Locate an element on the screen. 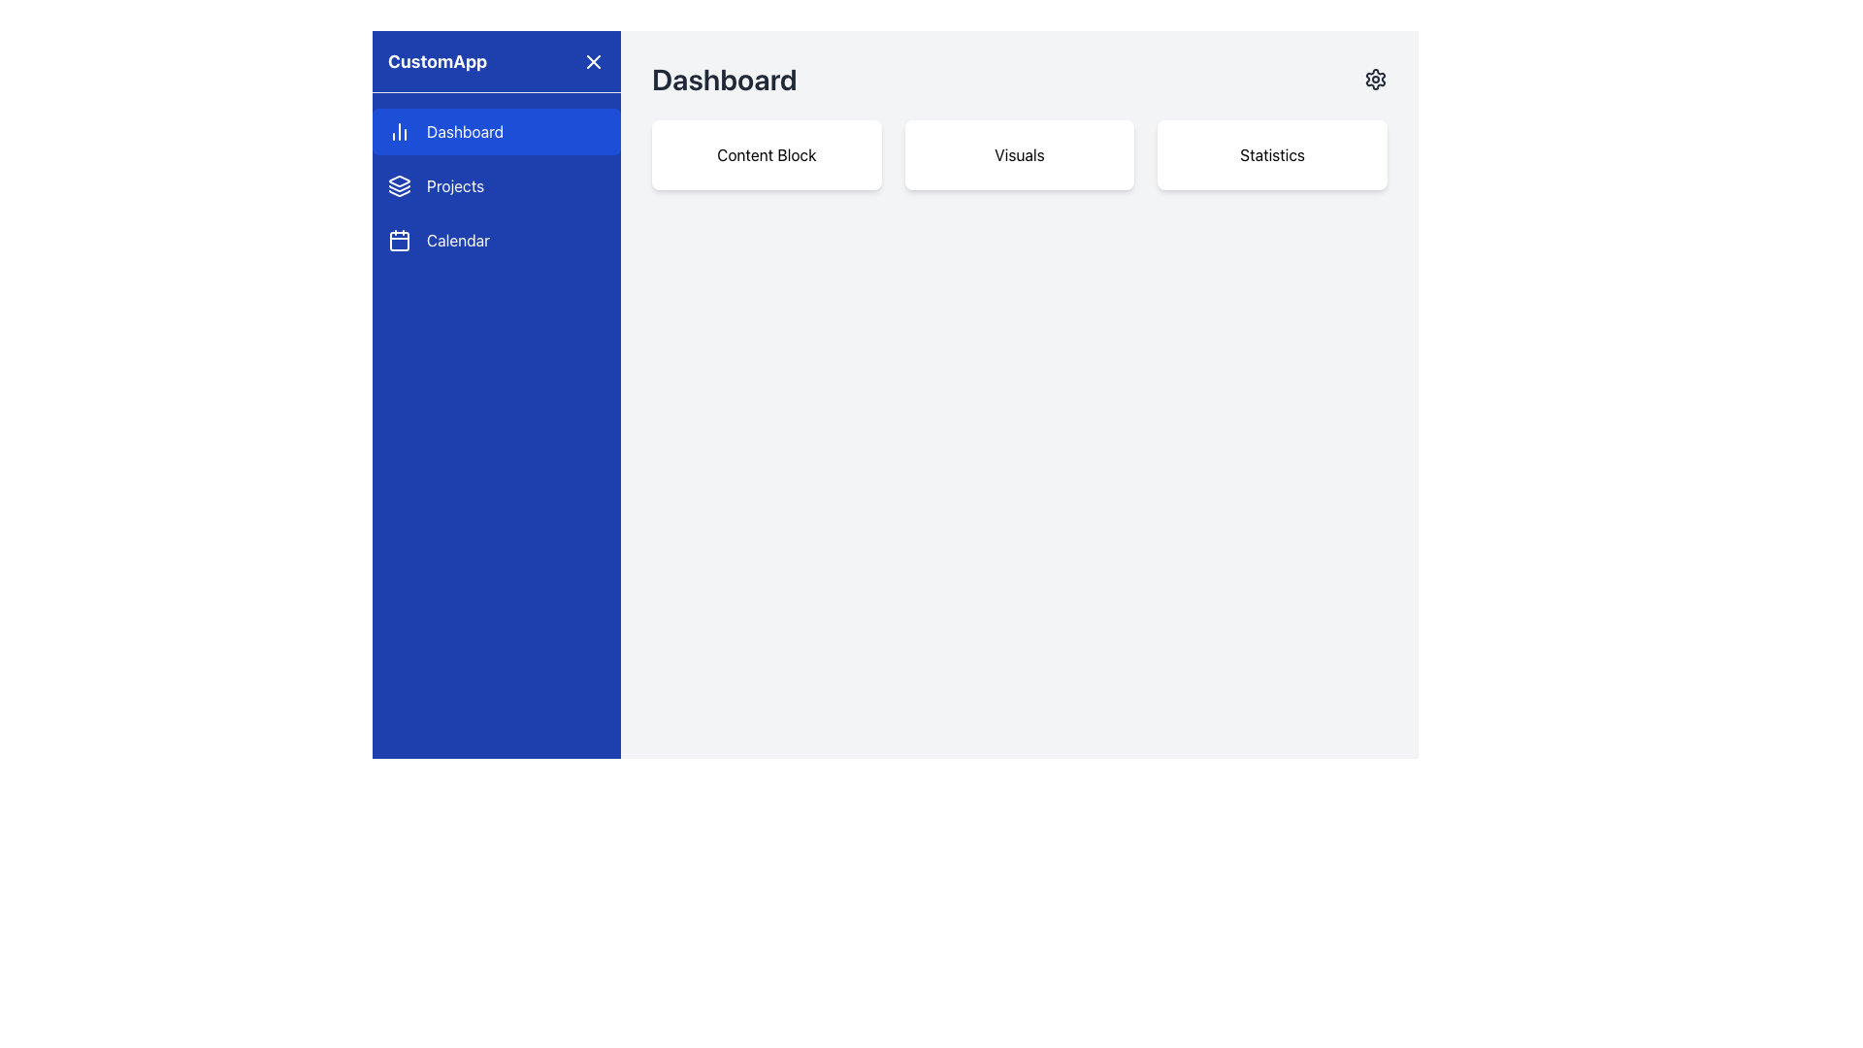  the chart pattern icon located in the sidebar menu, which is positioned to the left of the text 'Dashboard' is located at coordinates (399, 131).